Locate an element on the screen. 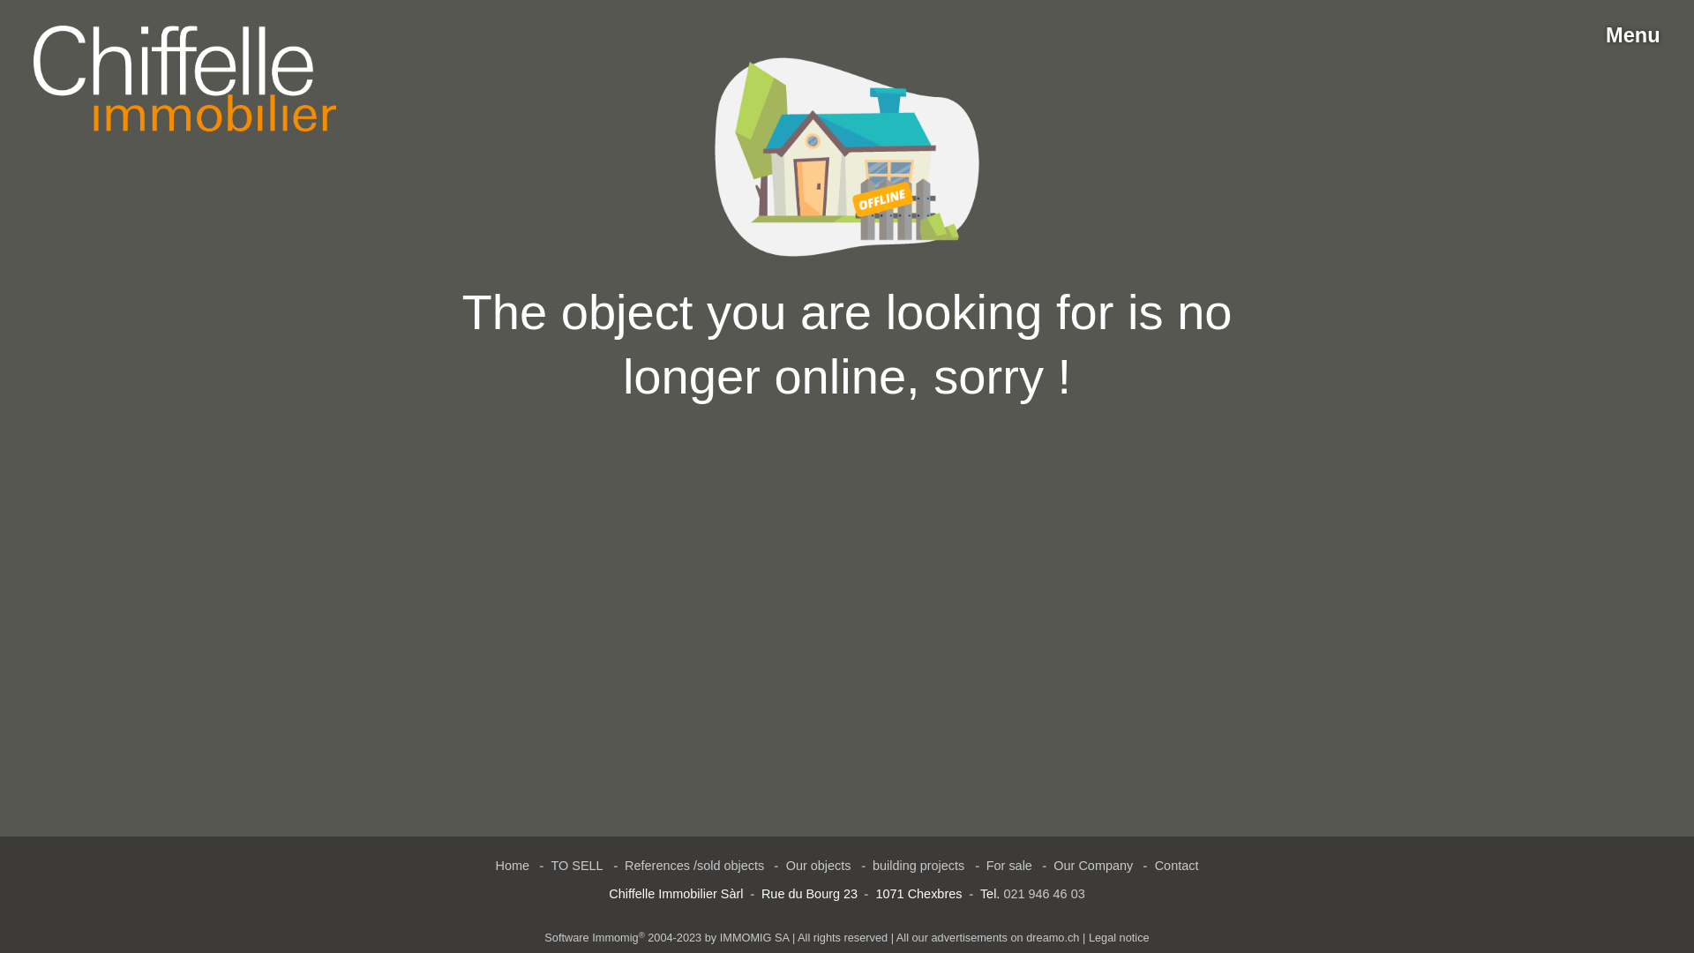 The width and height of the screenshot is (1694, 953). 'For sale' is located at coordinates (1008, 865).